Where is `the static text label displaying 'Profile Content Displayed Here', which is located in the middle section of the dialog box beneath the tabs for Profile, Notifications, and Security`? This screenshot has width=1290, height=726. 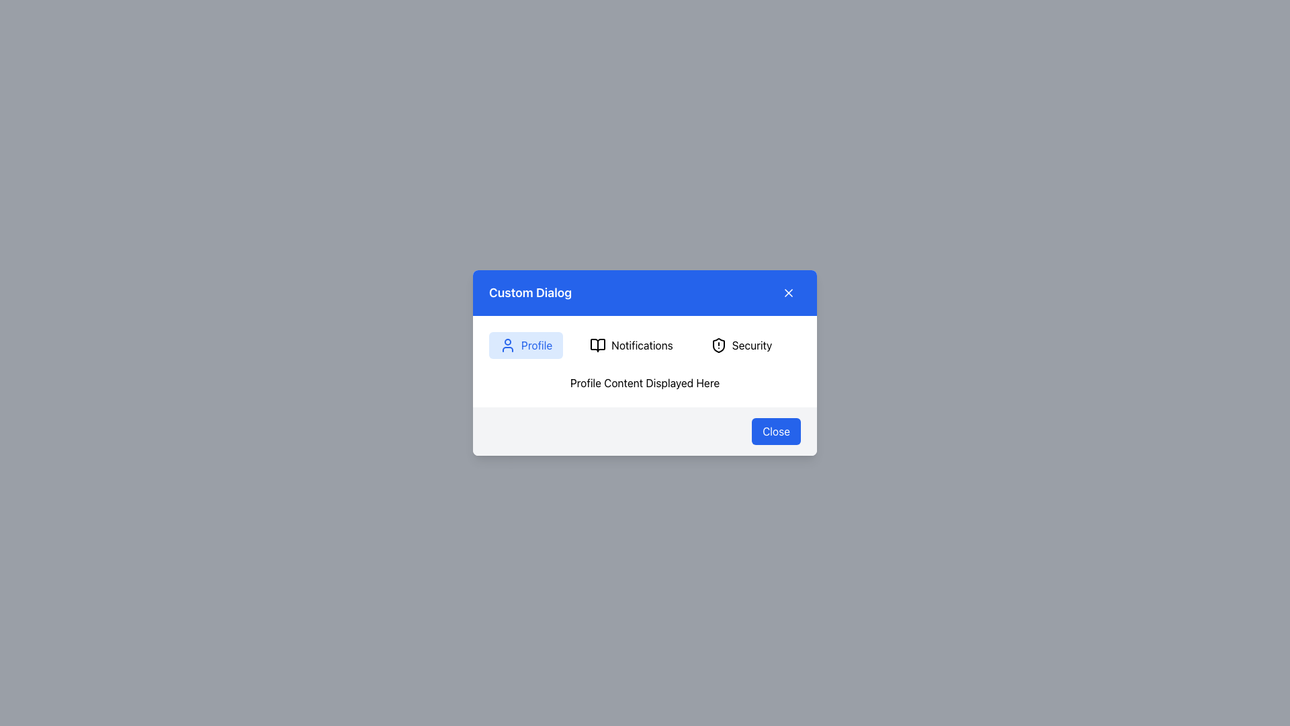 the static text label displaying 'Profile Content Displayed Here', which is located in the middle section of the dialog box beneath the tabs for Profile, Notifications, and Security is located at coordinates (645, 383).